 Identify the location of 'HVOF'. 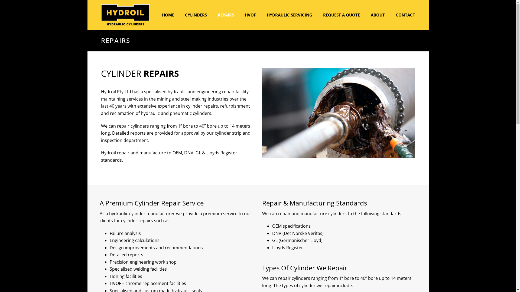
(250, 14).